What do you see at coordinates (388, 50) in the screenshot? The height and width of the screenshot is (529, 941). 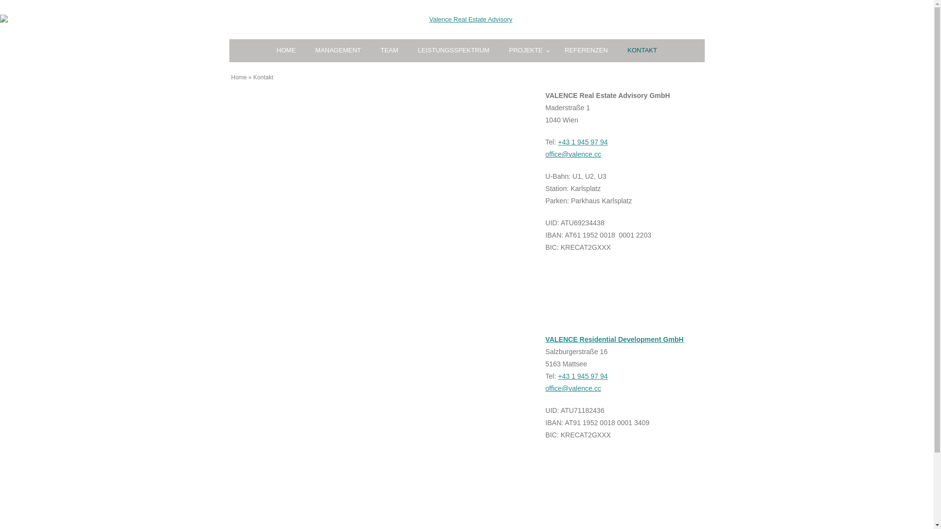 I see `'TEAM'` at bounding box center [388, 50].